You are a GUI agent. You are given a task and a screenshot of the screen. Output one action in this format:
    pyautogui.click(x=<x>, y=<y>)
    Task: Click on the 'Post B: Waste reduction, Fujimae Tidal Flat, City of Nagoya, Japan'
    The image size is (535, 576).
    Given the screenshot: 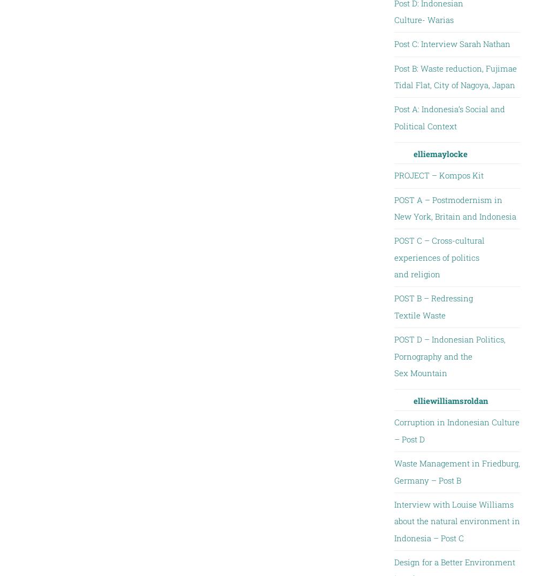 What is the action you would take?
    pyautogui.click(x=454, y=76)
    